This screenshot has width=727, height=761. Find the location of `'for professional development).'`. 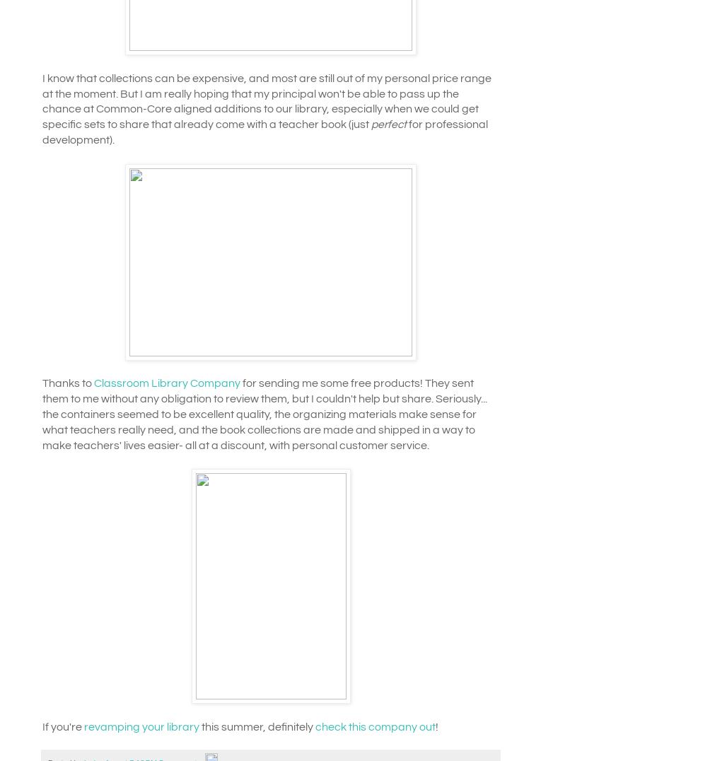

'for professional development).' is located at coordinates (42, 132).